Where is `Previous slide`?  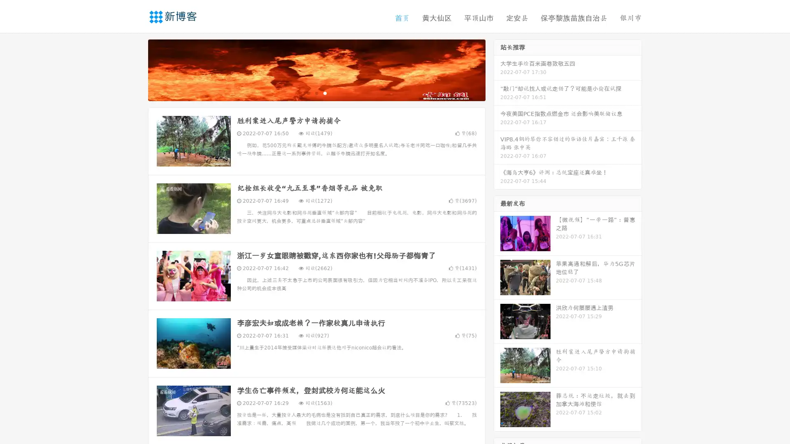 Previous slide is located at coordinates (136, 69).